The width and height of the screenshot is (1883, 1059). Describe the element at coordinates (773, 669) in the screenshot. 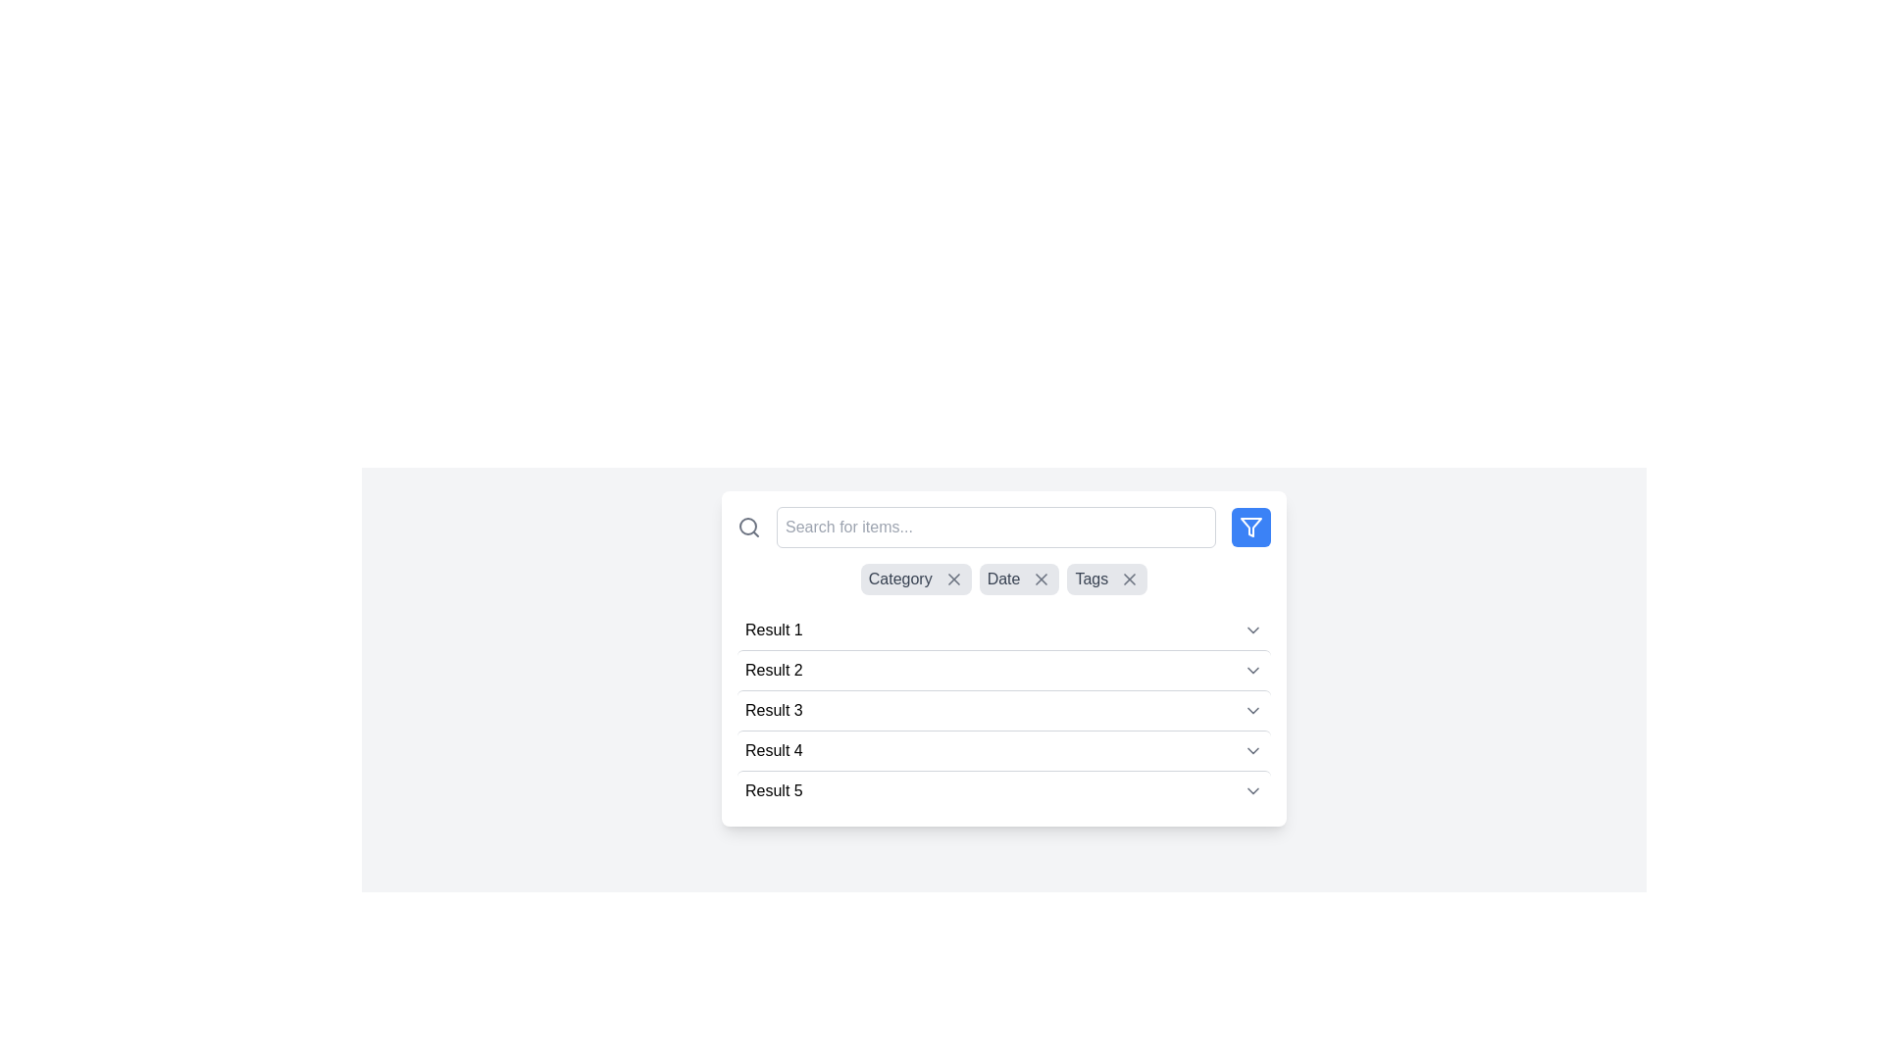

I see `the label displaying 'Result 2', which is located in the second row of the results list, aligned towards the left side of the row` at that location.